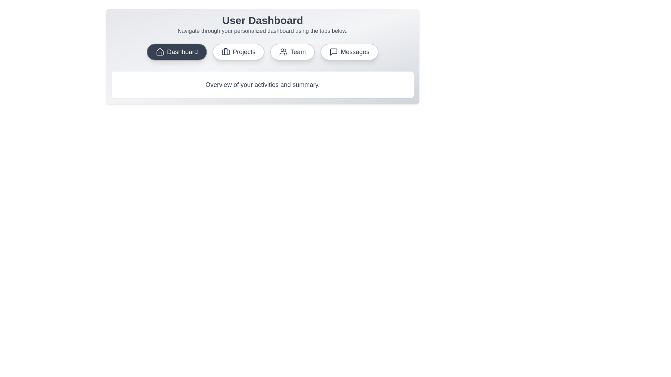  I want to click on the tab corresponding to Messages, so click(349, 52).